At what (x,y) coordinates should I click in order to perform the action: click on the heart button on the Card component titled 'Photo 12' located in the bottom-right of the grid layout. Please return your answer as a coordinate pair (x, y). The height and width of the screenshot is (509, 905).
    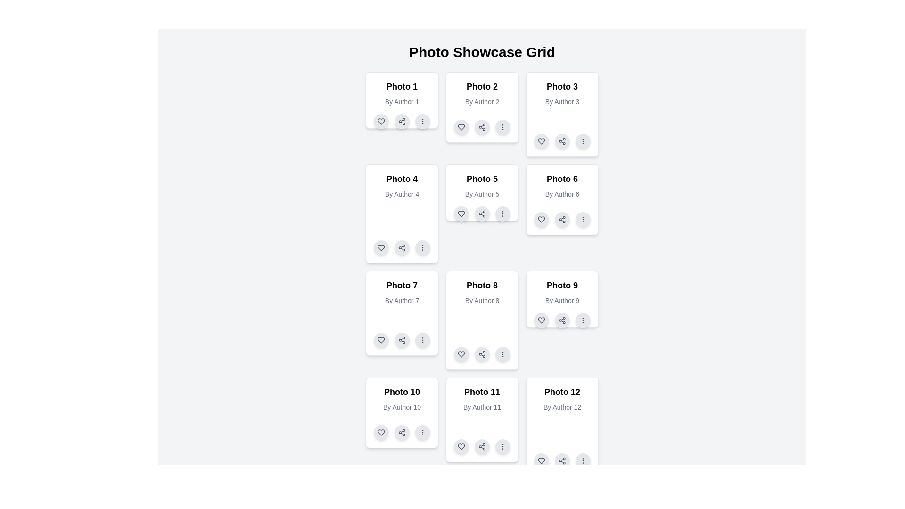
    Looking at the image, I should click on (562, 427).